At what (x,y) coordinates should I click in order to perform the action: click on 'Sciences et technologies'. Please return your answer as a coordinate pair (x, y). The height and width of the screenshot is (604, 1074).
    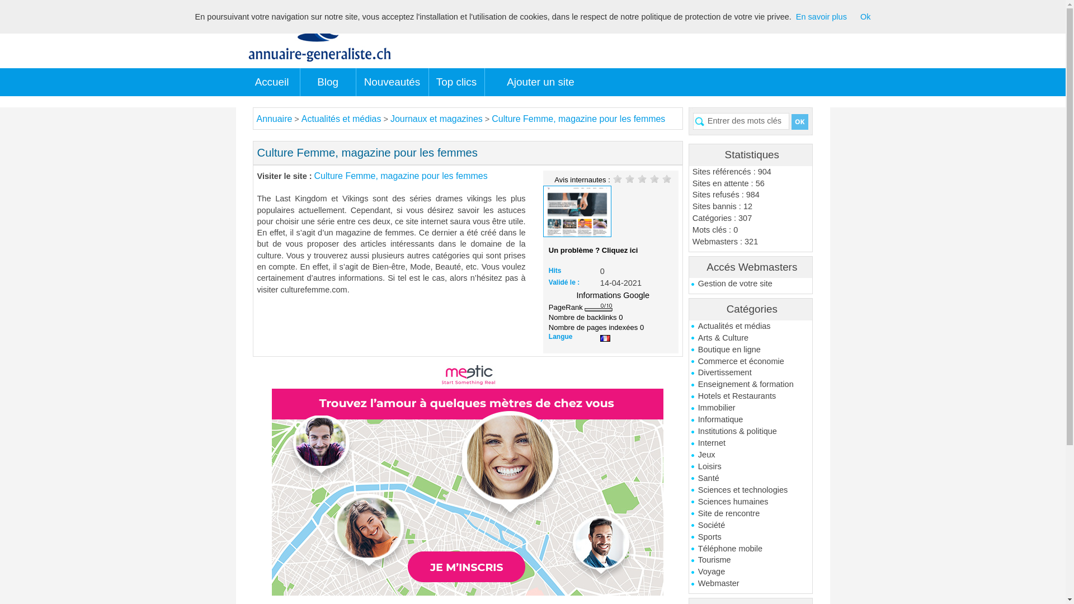
    Looking at the image, I should click on (751, 489).